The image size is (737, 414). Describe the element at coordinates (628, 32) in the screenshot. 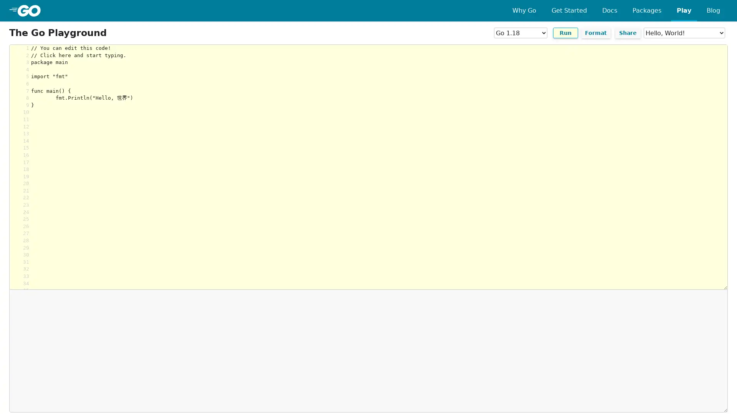

I see `Share` at that location.